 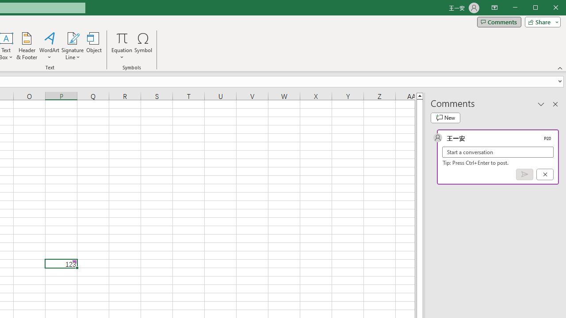 I want to click on 'Equation', so click(x=121, y=46).